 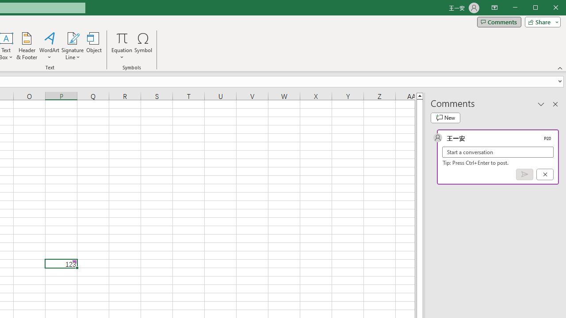 I want to click on 'Equation', so click(x=121, y=46).